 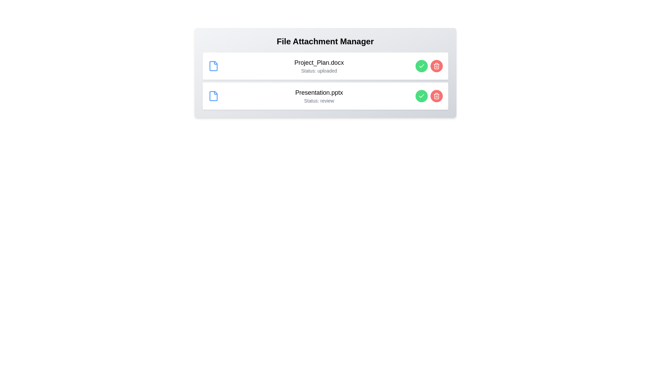 I want to click on the 'Remove' button for the file Project_Plan.docx, so click(x=436, y=66).